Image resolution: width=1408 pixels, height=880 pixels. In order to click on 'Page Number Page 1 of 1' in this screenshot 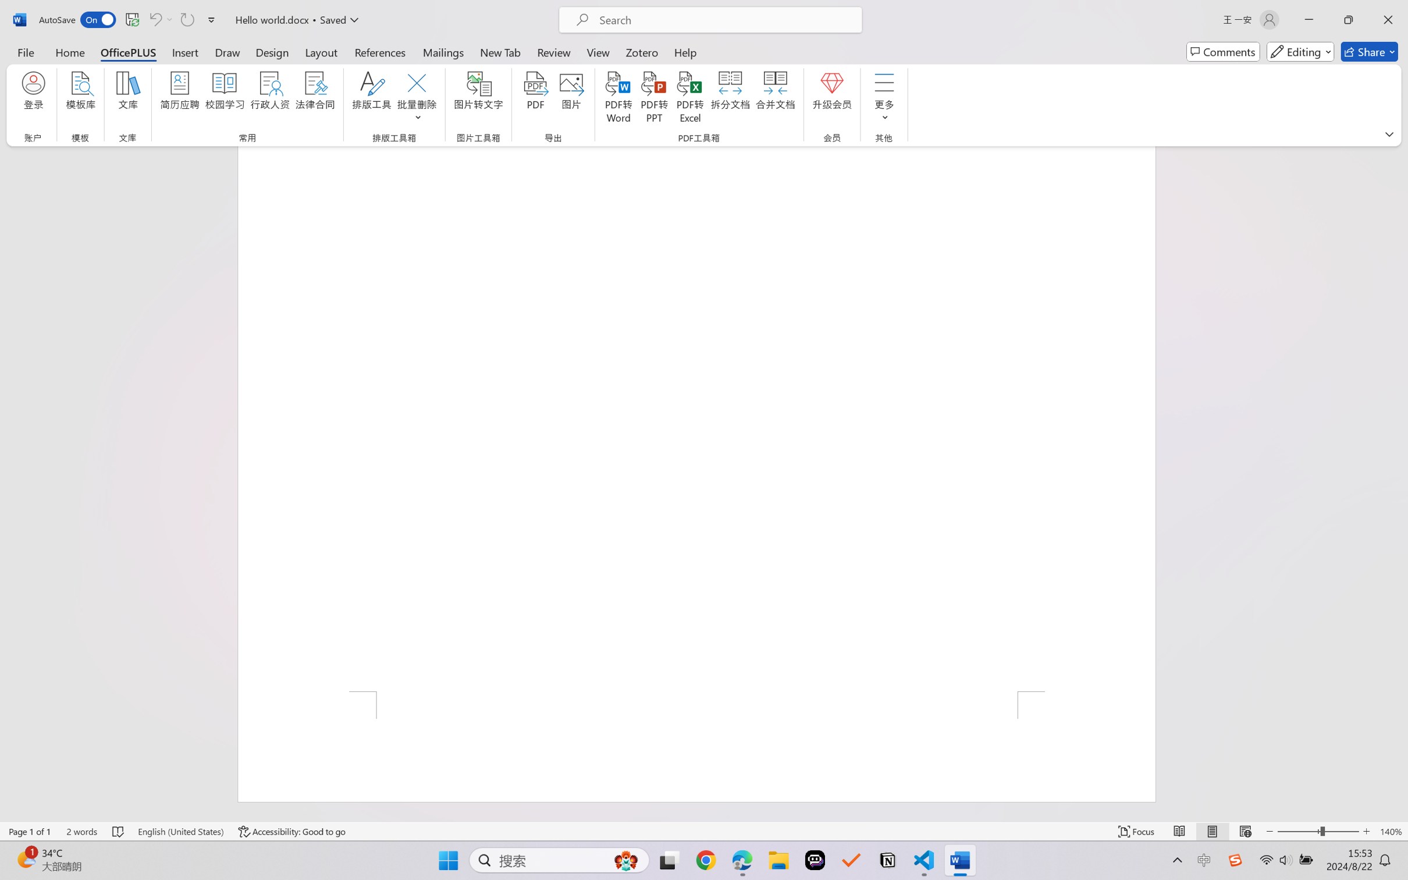, I will do `click(30, 831)`.